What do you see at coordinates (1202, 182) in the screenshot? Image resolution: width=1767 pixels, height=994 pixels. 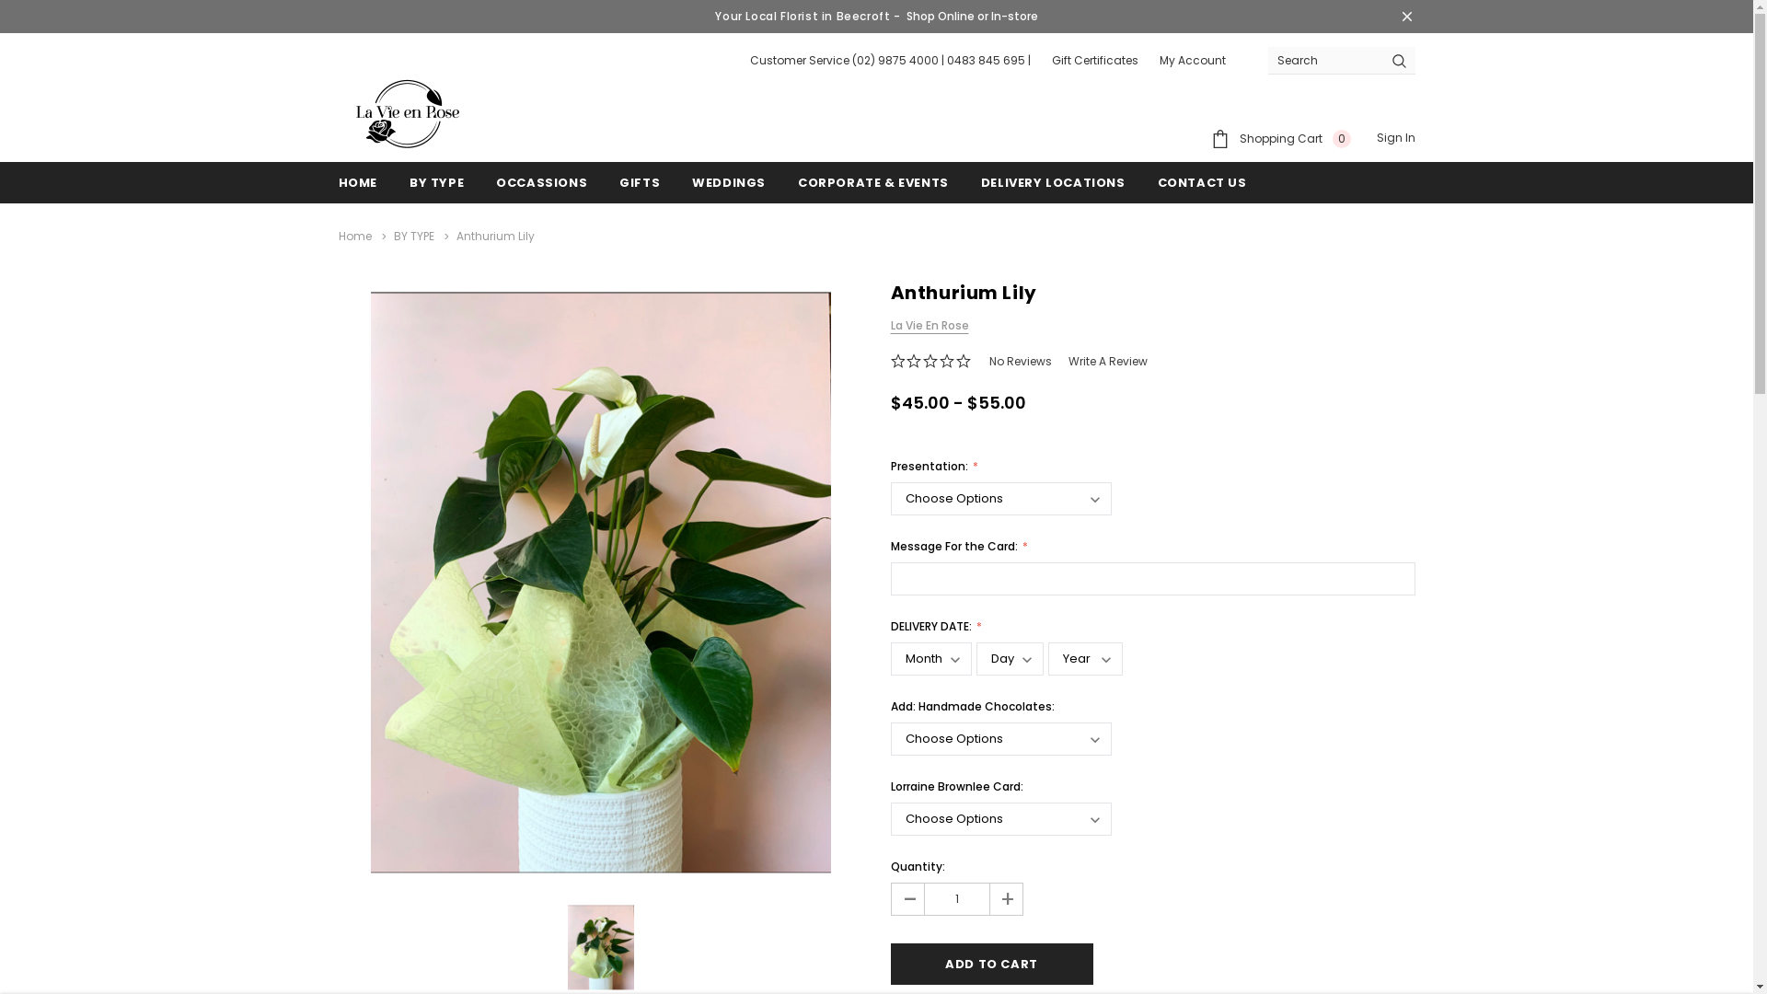 I see `'CONTACT US'` at bounding box center [1202, 182].